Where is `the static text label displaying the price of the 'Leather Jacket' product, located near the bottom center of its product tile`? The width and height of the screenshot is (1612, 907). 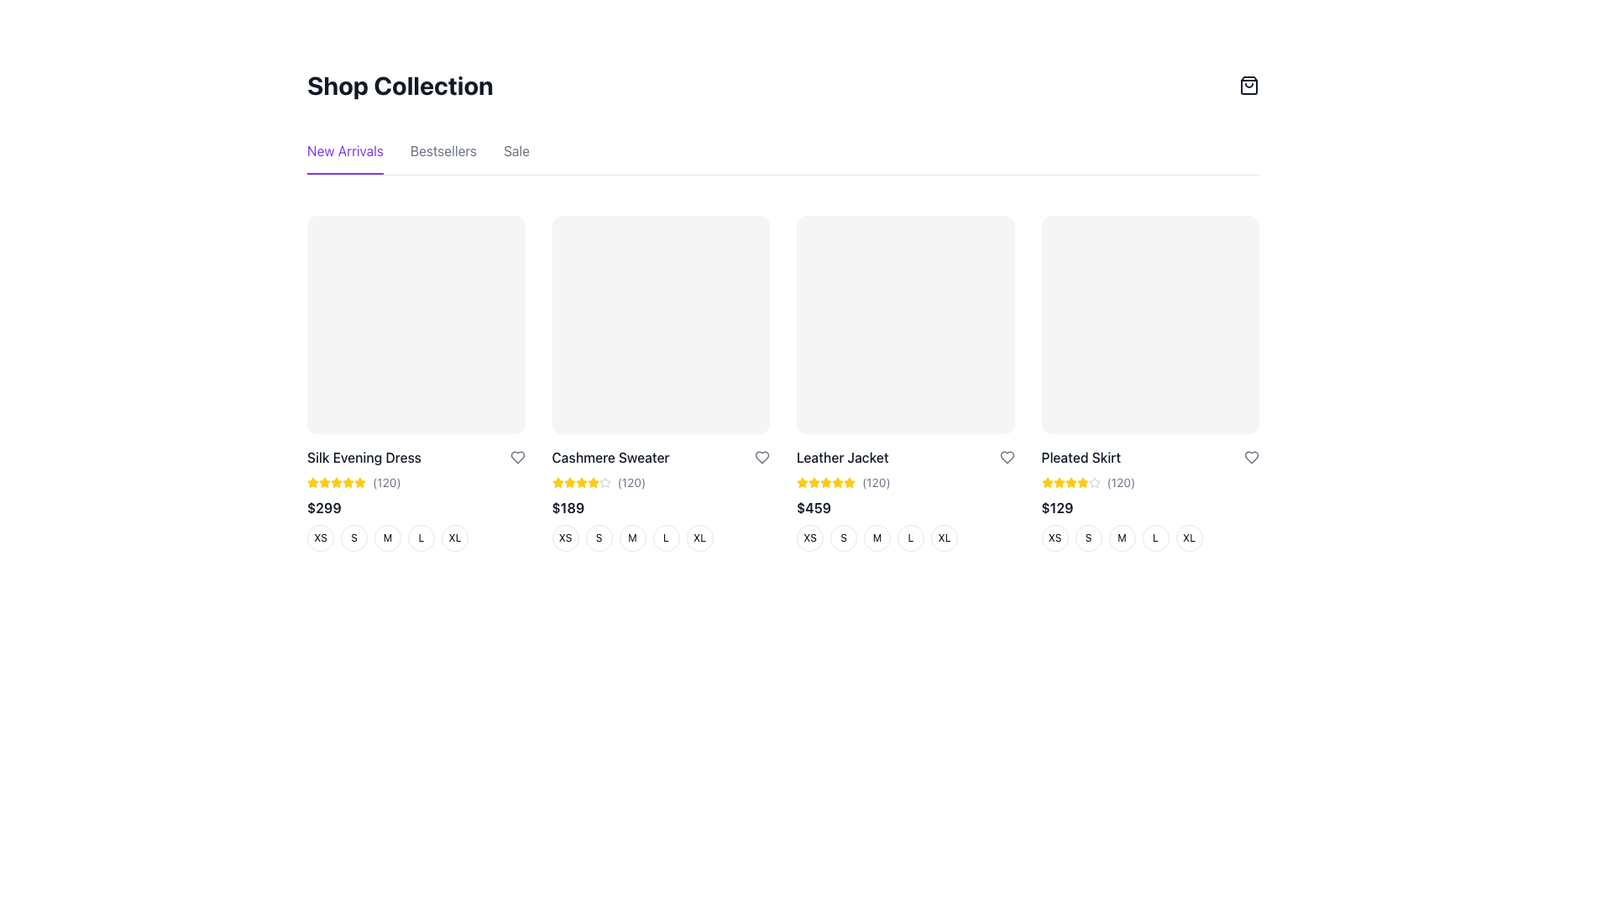
the static text label displaying the price of the 'Leather Jacket' product, located near the bottom center of its product tile is located at coordinates (814, 506).